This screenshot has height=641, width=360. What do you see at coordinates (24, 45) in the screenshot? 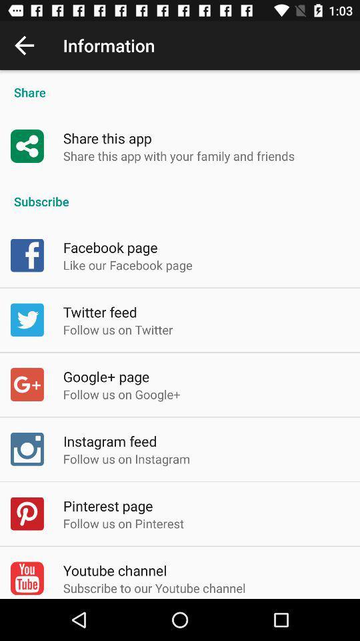
I see `item above the share item` at bounding box center [24, 45].